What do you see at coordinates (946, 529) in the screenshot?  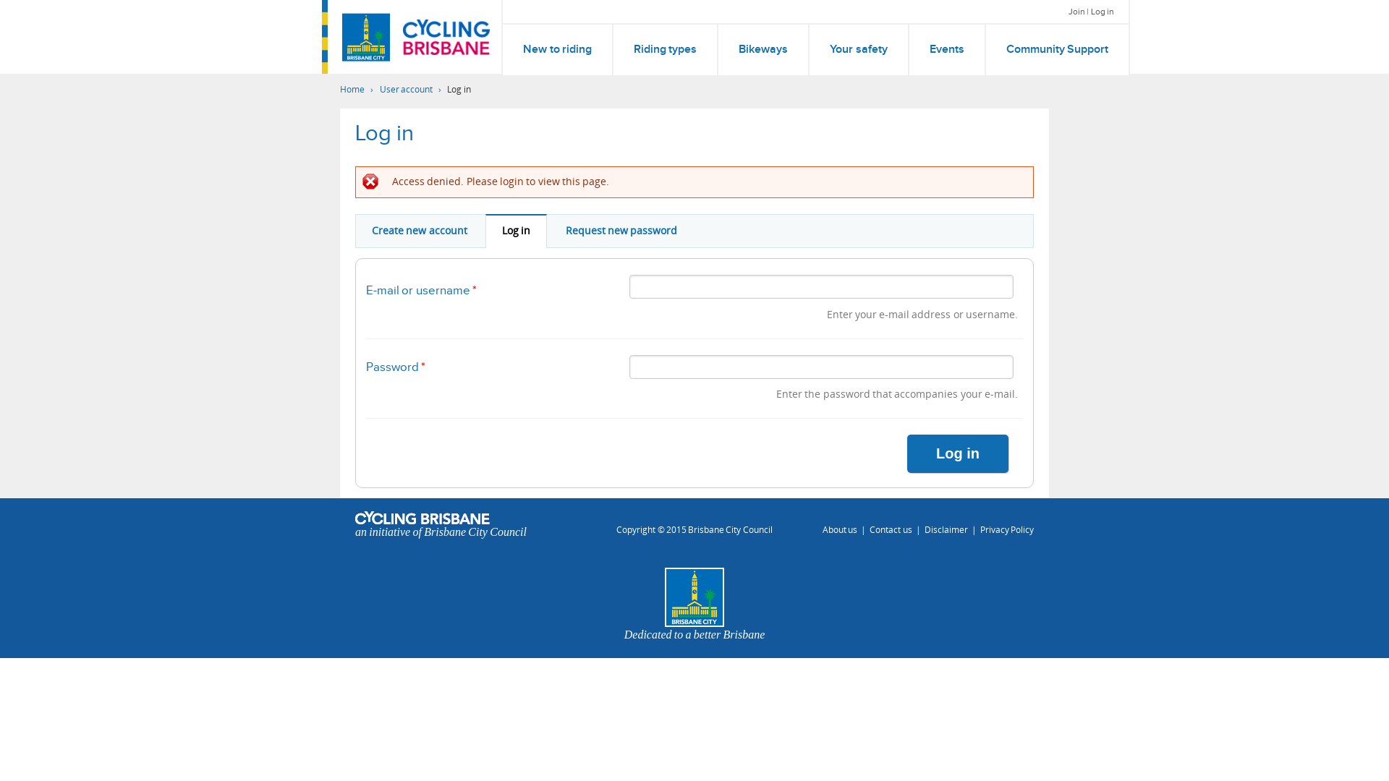 I see `'Disclaimer'` at bounding box center [946, 529].